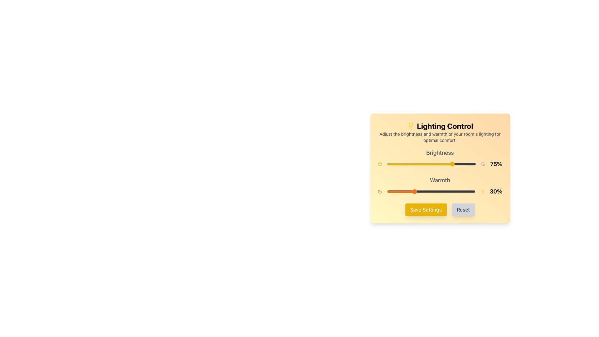 This screenshot has height=337, width=599. Describe the element at coordinates (455, 164) in the screenshot. I see `the brightness` at that location.